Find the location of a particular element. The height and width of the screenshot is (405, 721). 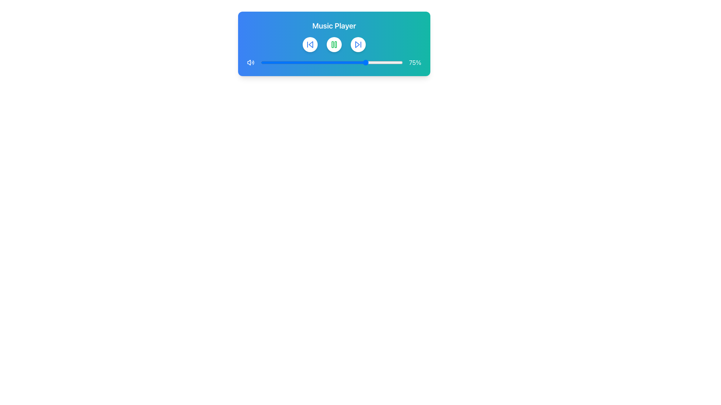

the slider is located at coordinates (355, 62).